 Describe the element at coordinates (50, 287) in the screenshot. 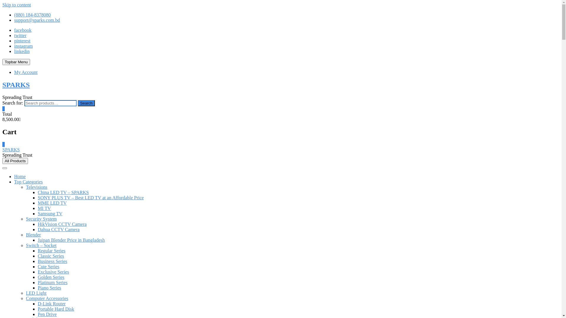

I see `'Piano Series'` at that location.